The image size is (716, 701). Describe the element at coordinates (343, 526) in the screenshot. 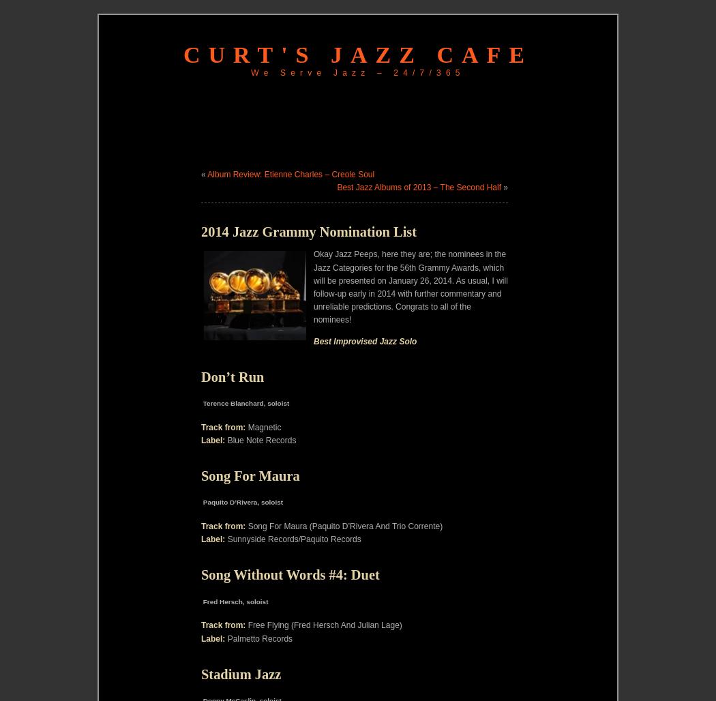

I see `'Song For Maura (Paquito D’Rivera And Trio Corrente)'` at that location.